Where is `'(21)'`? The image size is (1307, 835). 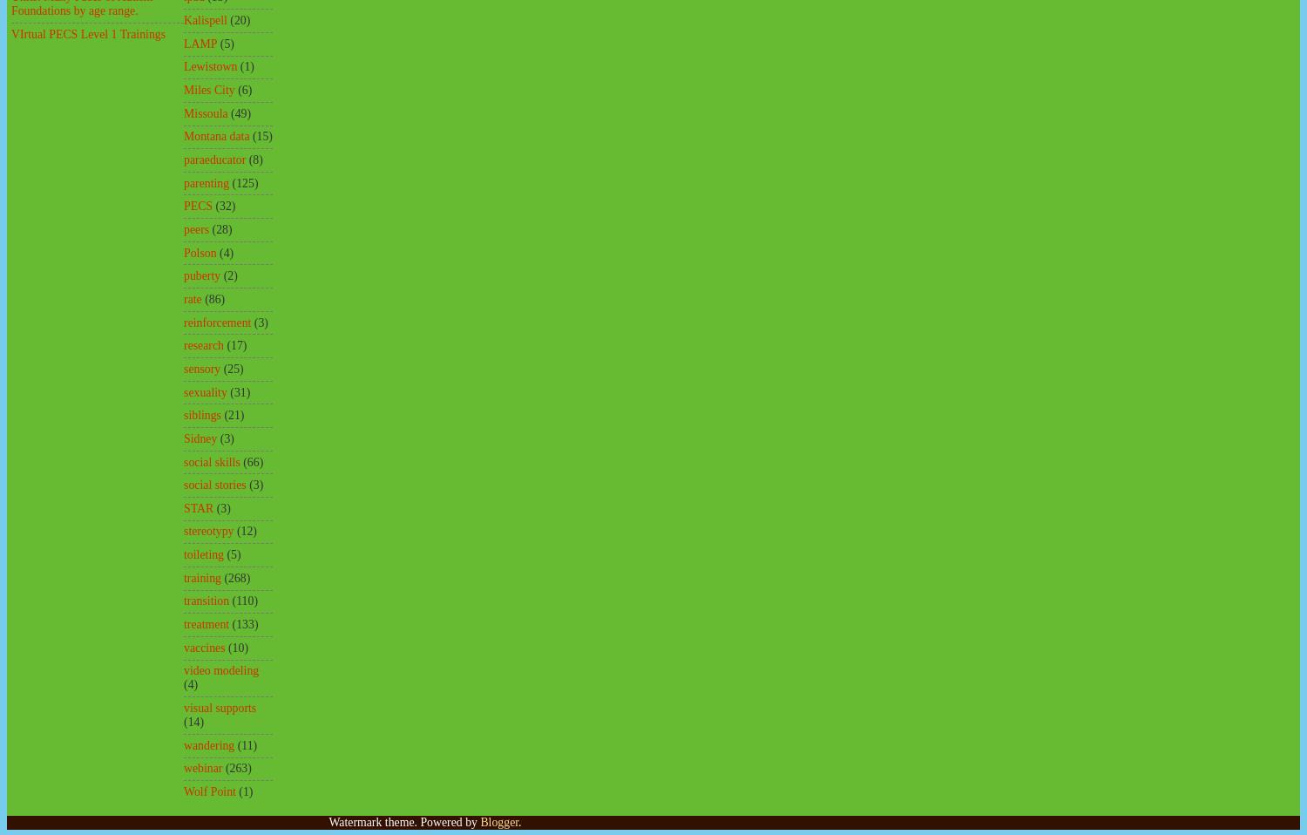 '(21)' is located at coordinates (234, 415).